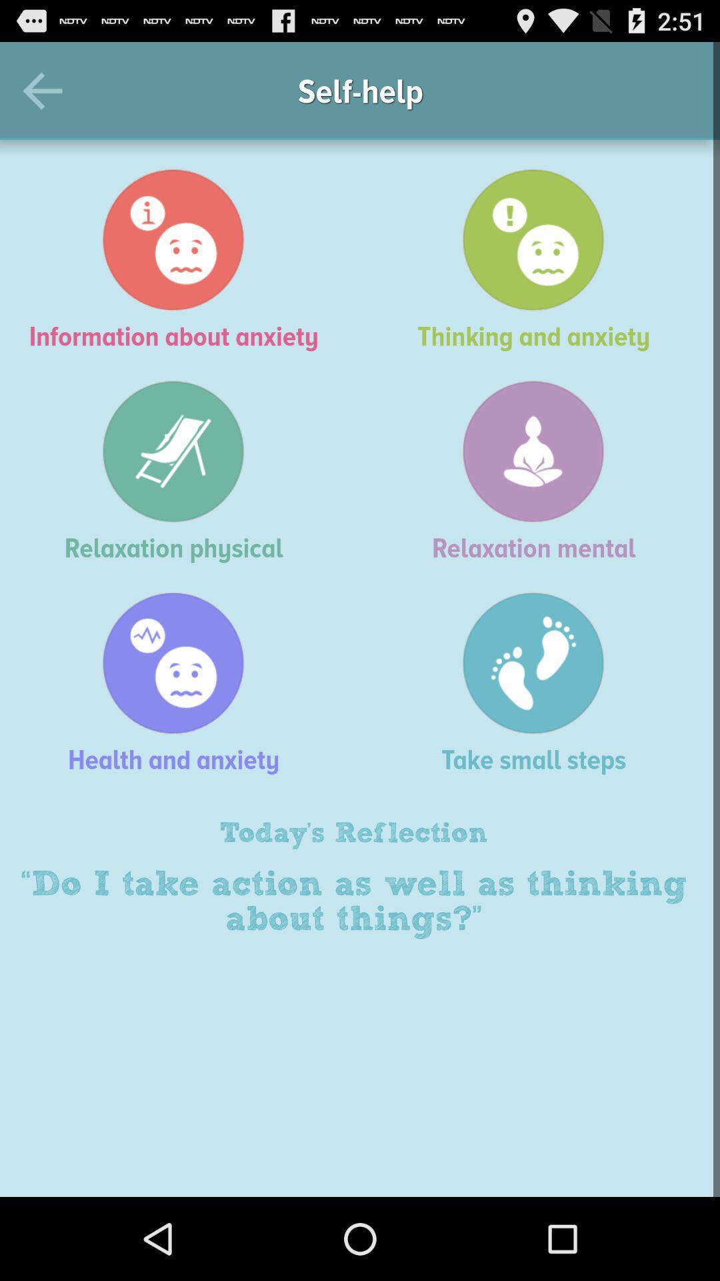 The width and height of the screenshot is (720, 1281). I want to click on item above the relaxation physical icon, so click(180, 260).